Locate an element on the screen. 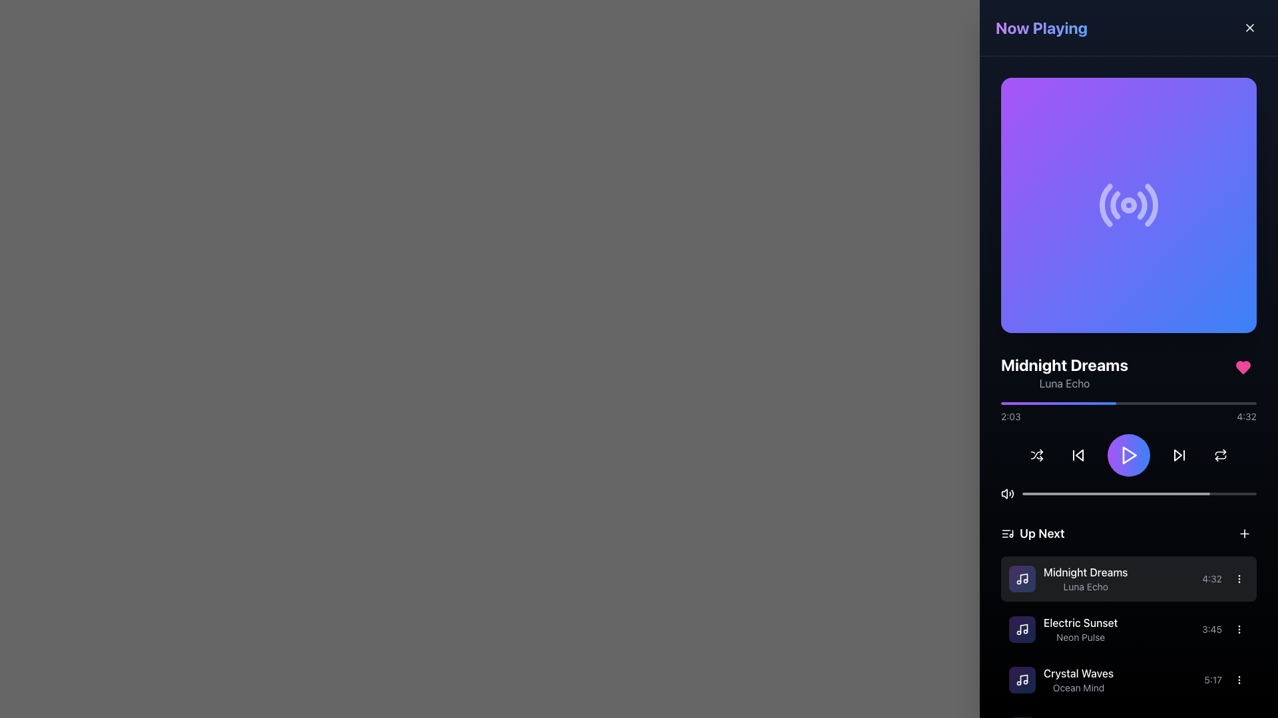  the vertical ellipsis icon, which is represented by three vertically aligned dots, located to the right of the 'Crystal Waves' song in the 'Up Next' section is located at coordinates (1239, 679).